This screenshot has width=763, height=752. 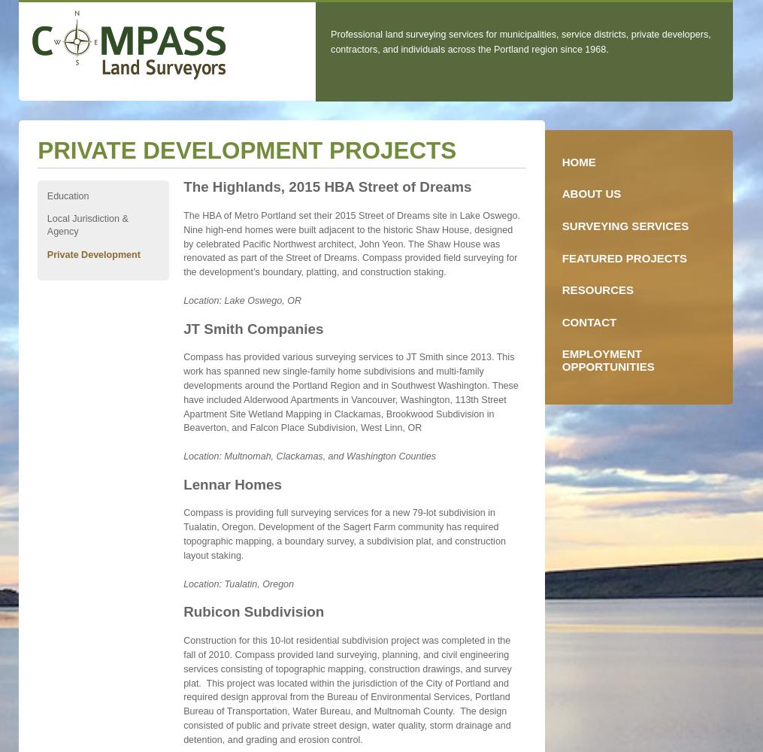 What do you see at coordinates (330, 41) in the screenshot?
I see `'Professional land surveying services for municipalities, service districts, private developers, contractors, and
								individuals across the Portland region since 1968.'` at bounding box center [330, 41].